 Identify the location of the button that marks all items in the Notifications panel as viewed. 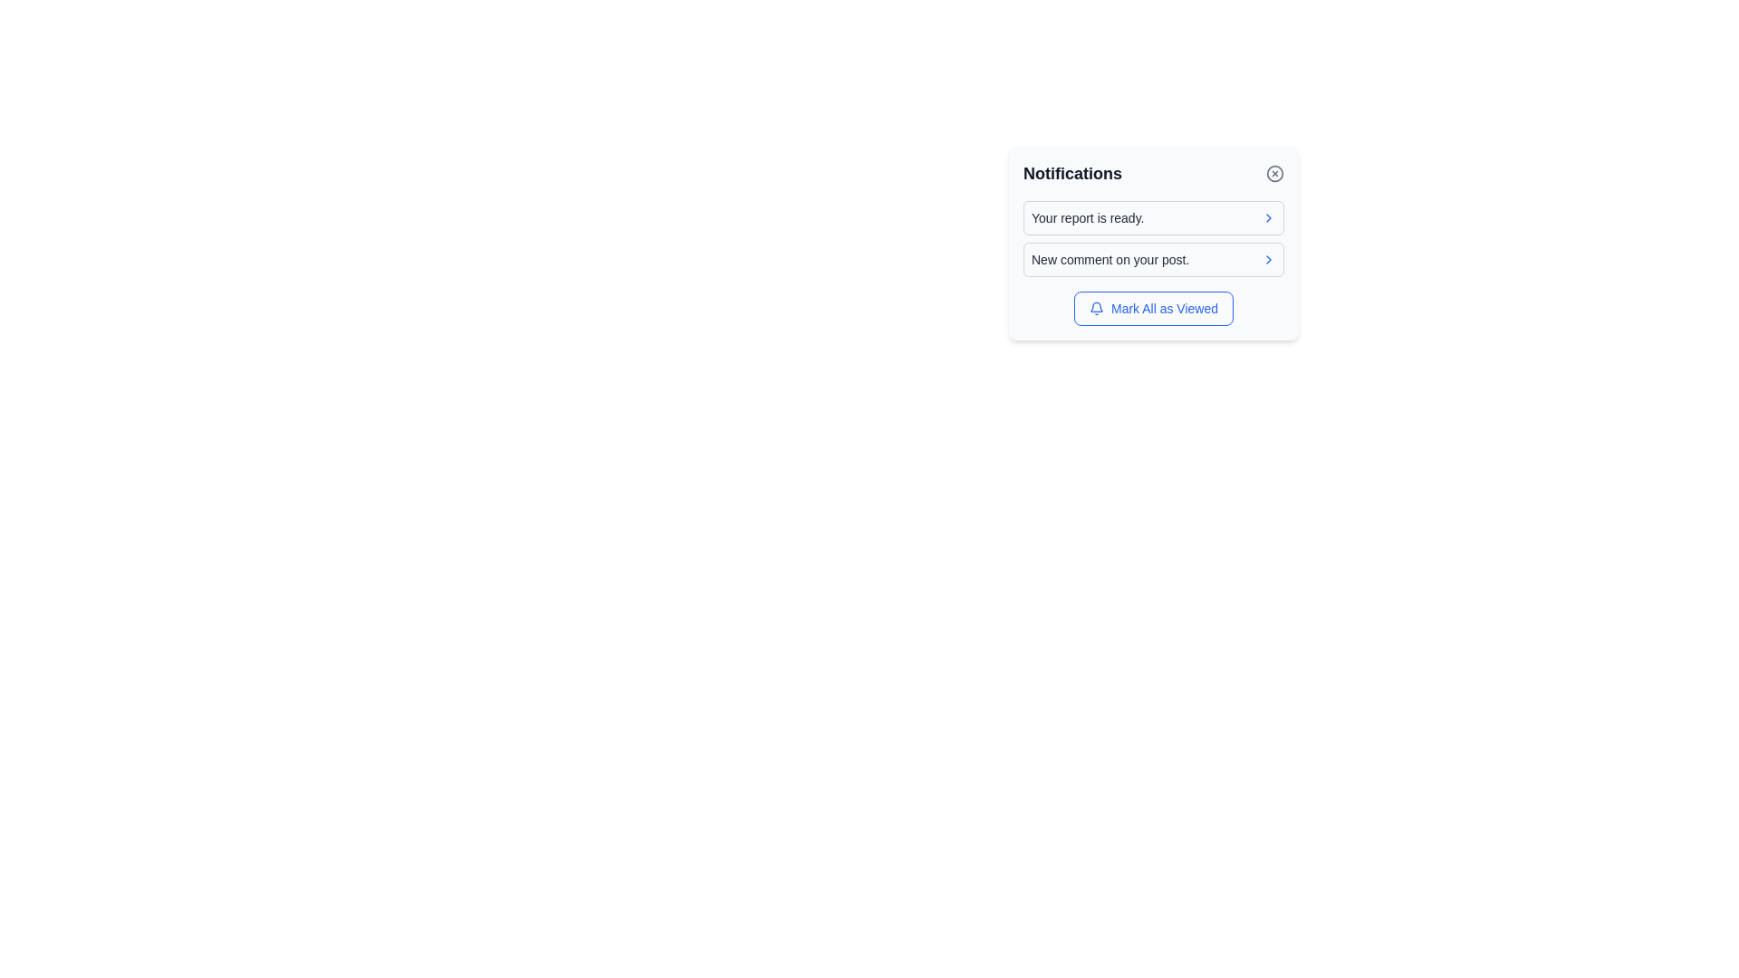
(1152, 307).